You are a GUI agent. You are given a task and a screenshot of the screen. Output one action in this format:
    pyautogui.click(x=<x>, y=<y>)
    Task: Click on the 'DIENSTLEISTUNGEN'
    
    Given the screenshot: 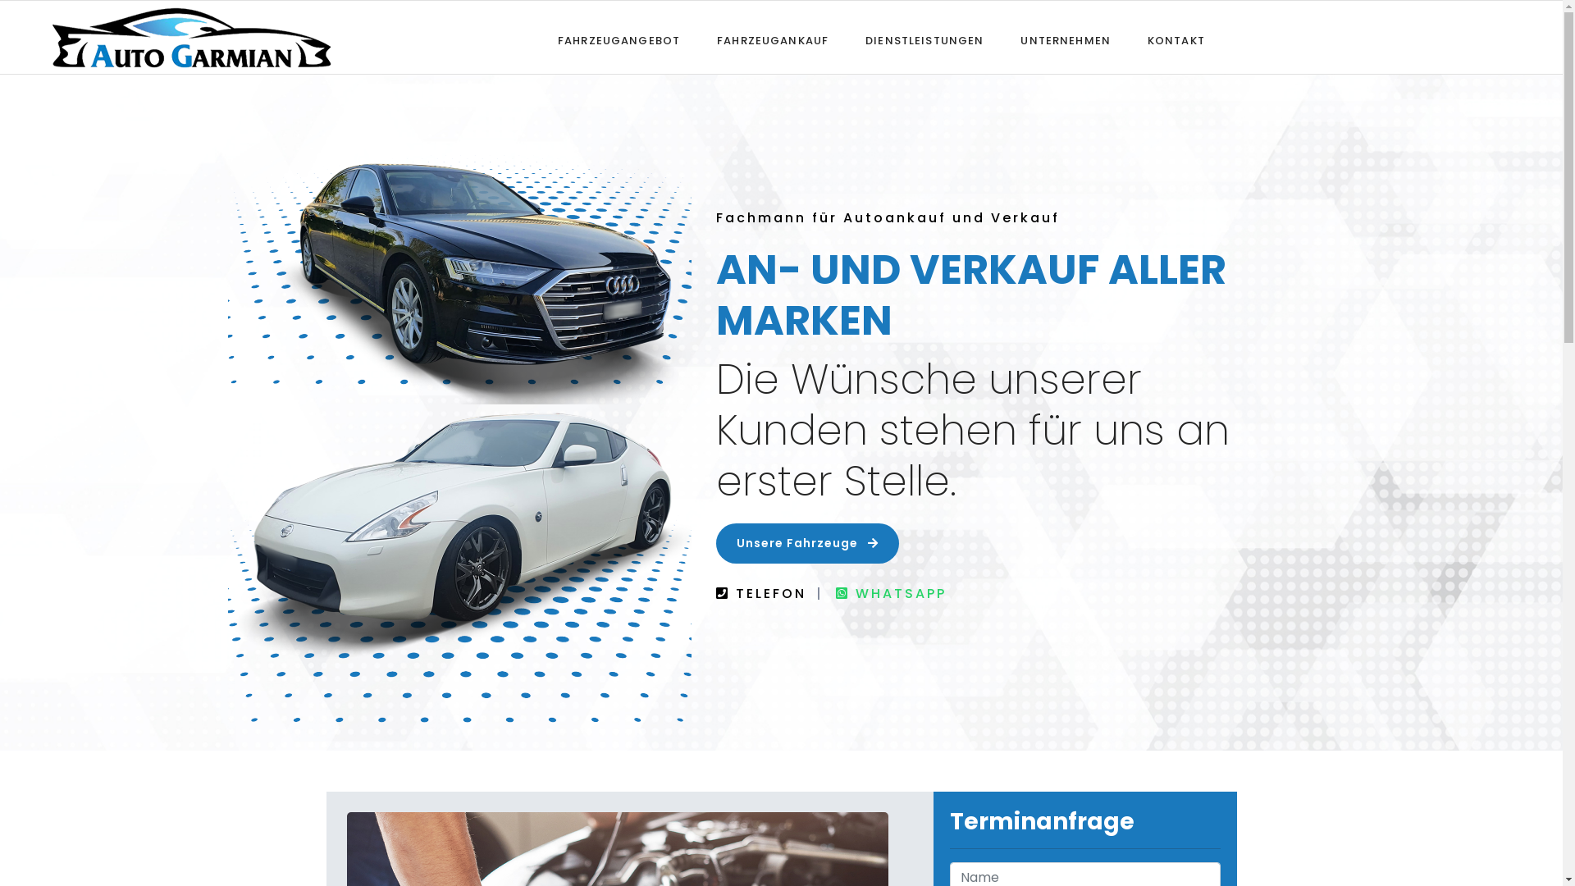 What is the action you would take?
    pyautogui.click(x=924, y=40)
    